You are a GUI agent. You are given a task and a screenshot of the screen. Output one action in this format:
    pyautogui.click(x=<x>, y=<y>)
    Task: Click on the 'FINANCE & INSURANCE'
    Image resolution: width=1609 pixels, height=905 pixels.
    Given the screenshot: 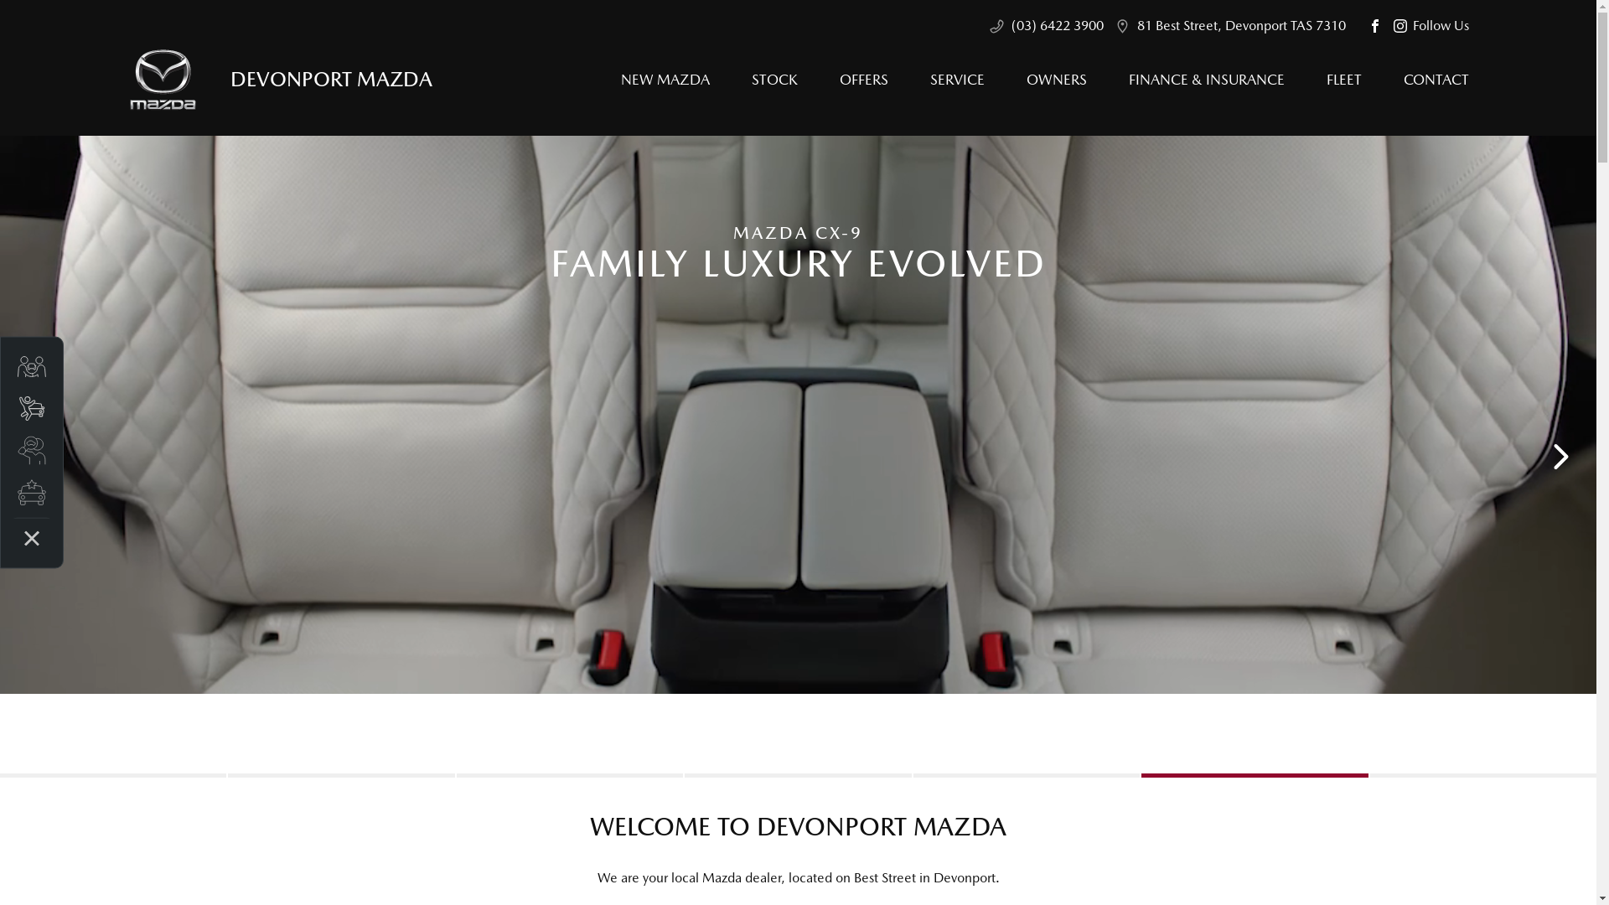 What is the action you would take?
    pyautogui.click(x=1207, y=80)
    